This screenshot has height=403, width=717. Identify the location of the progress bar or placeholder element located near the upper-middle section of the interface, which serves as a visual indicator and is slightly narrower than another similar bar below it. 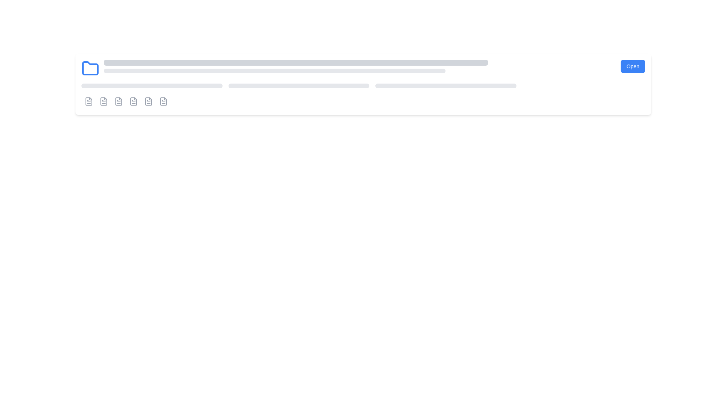
(295, 62).